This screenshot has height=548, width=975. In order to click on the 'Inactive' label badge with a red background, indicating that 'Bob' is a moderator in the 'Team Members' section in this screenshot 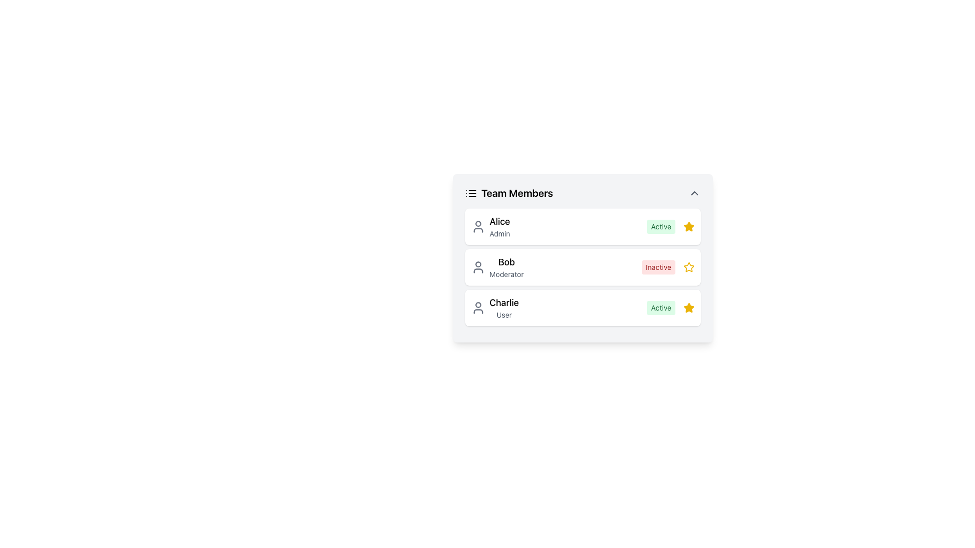, I will do `click(658, 267)`.